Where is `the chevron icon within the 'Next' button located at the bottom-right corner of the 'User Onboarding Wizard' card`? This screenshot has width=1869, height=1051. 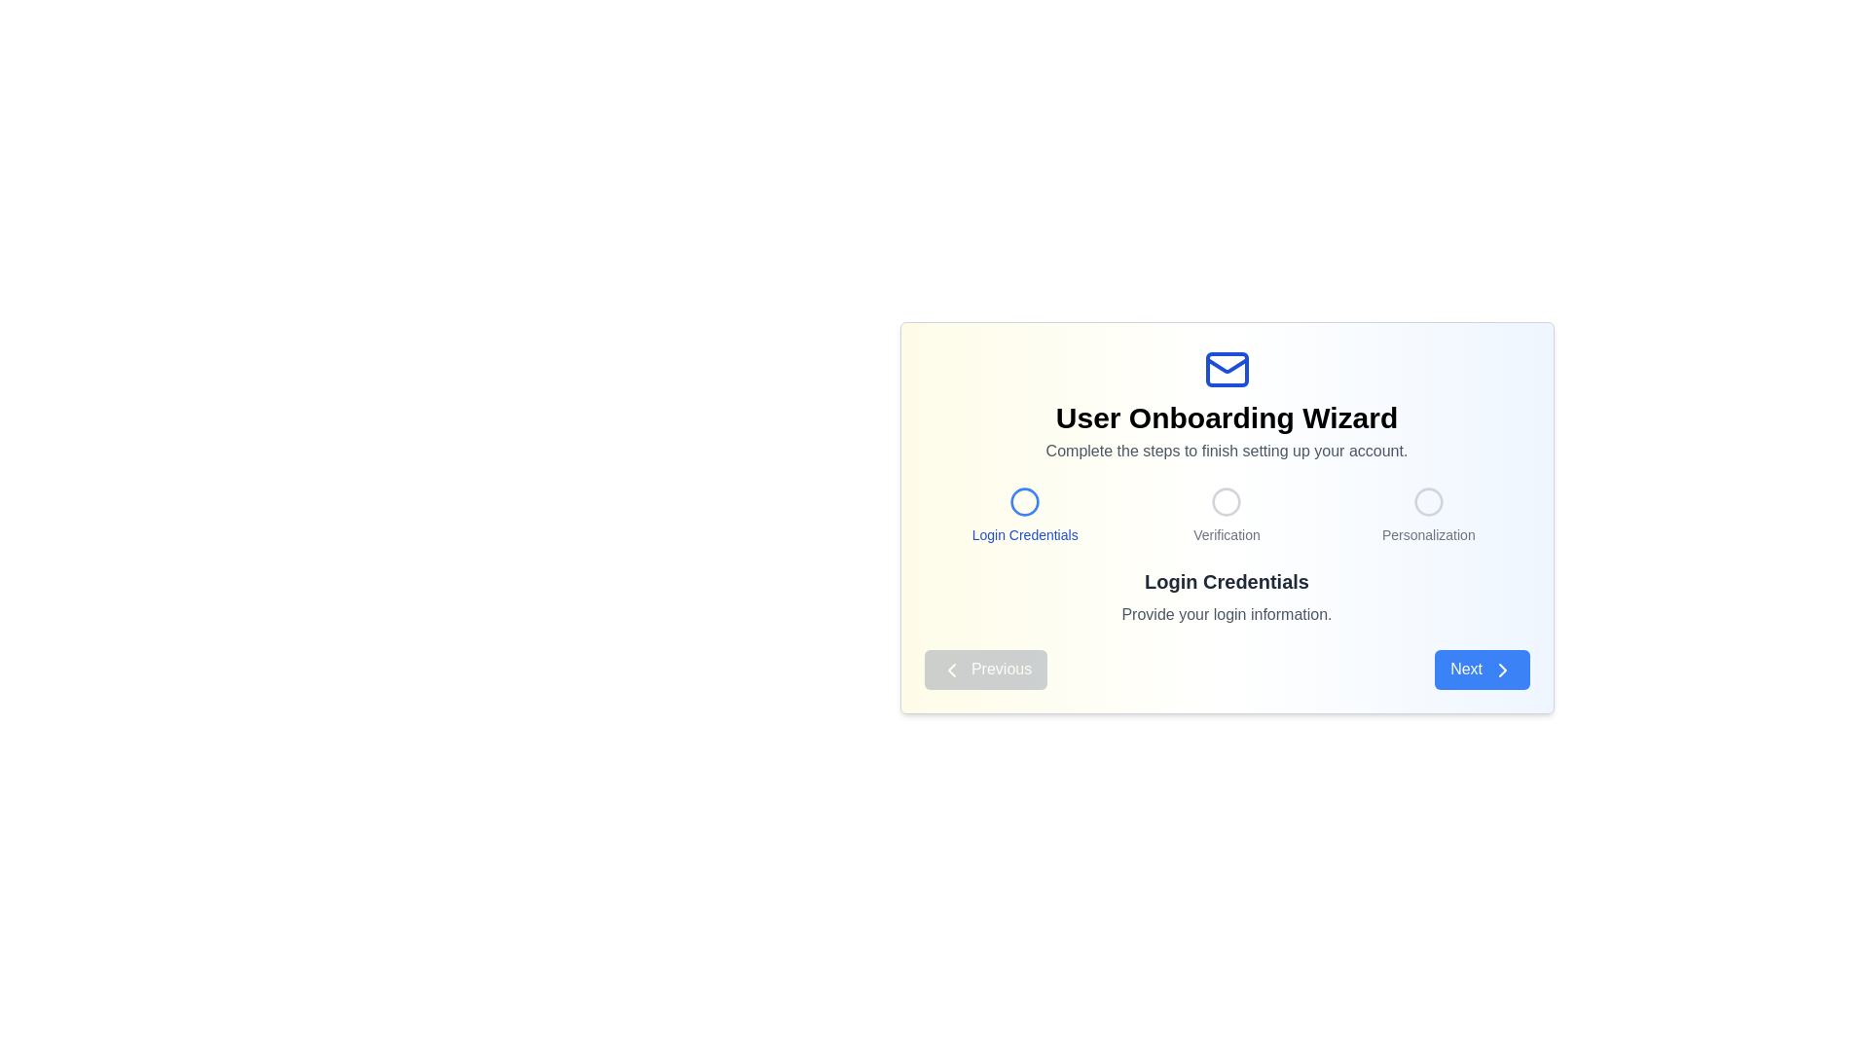 the chevron icon within the 'Next' button located at the bottom-right corner of the 'User Onboarding Wizard' card is located at coordinates (1501, 669).